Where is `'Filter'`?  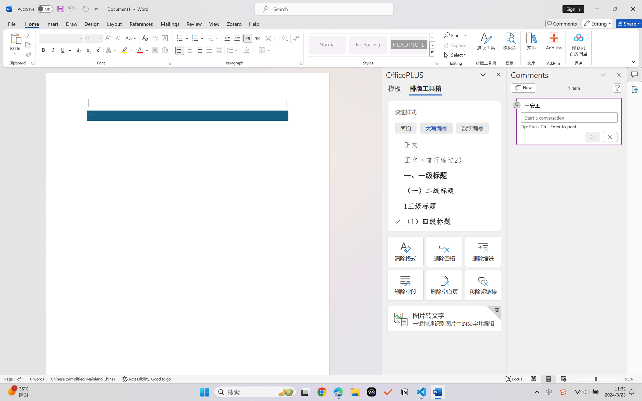
'Filter' is located at coordinates (617, 88).